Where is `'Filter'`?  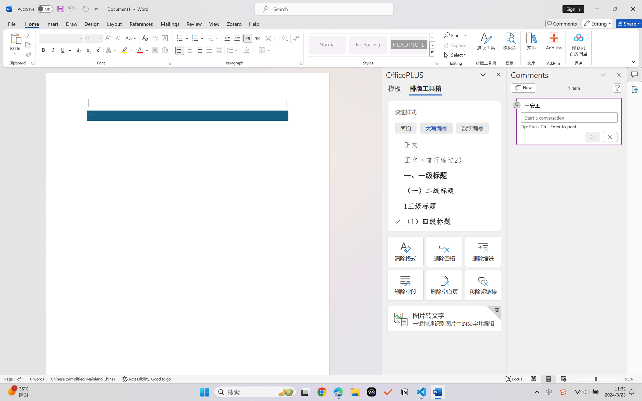
'Filter' is located at coordinates (617, 88).